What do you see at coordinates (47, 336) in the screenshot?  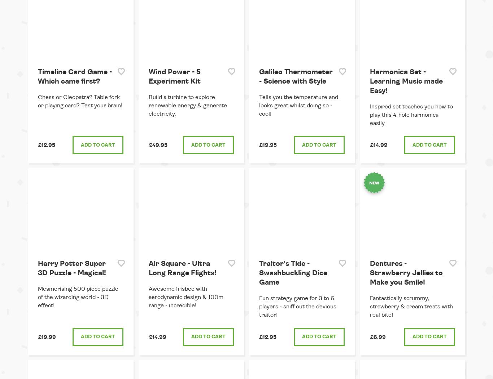 I see `'£19.99'` at bounding box center [47, 336].